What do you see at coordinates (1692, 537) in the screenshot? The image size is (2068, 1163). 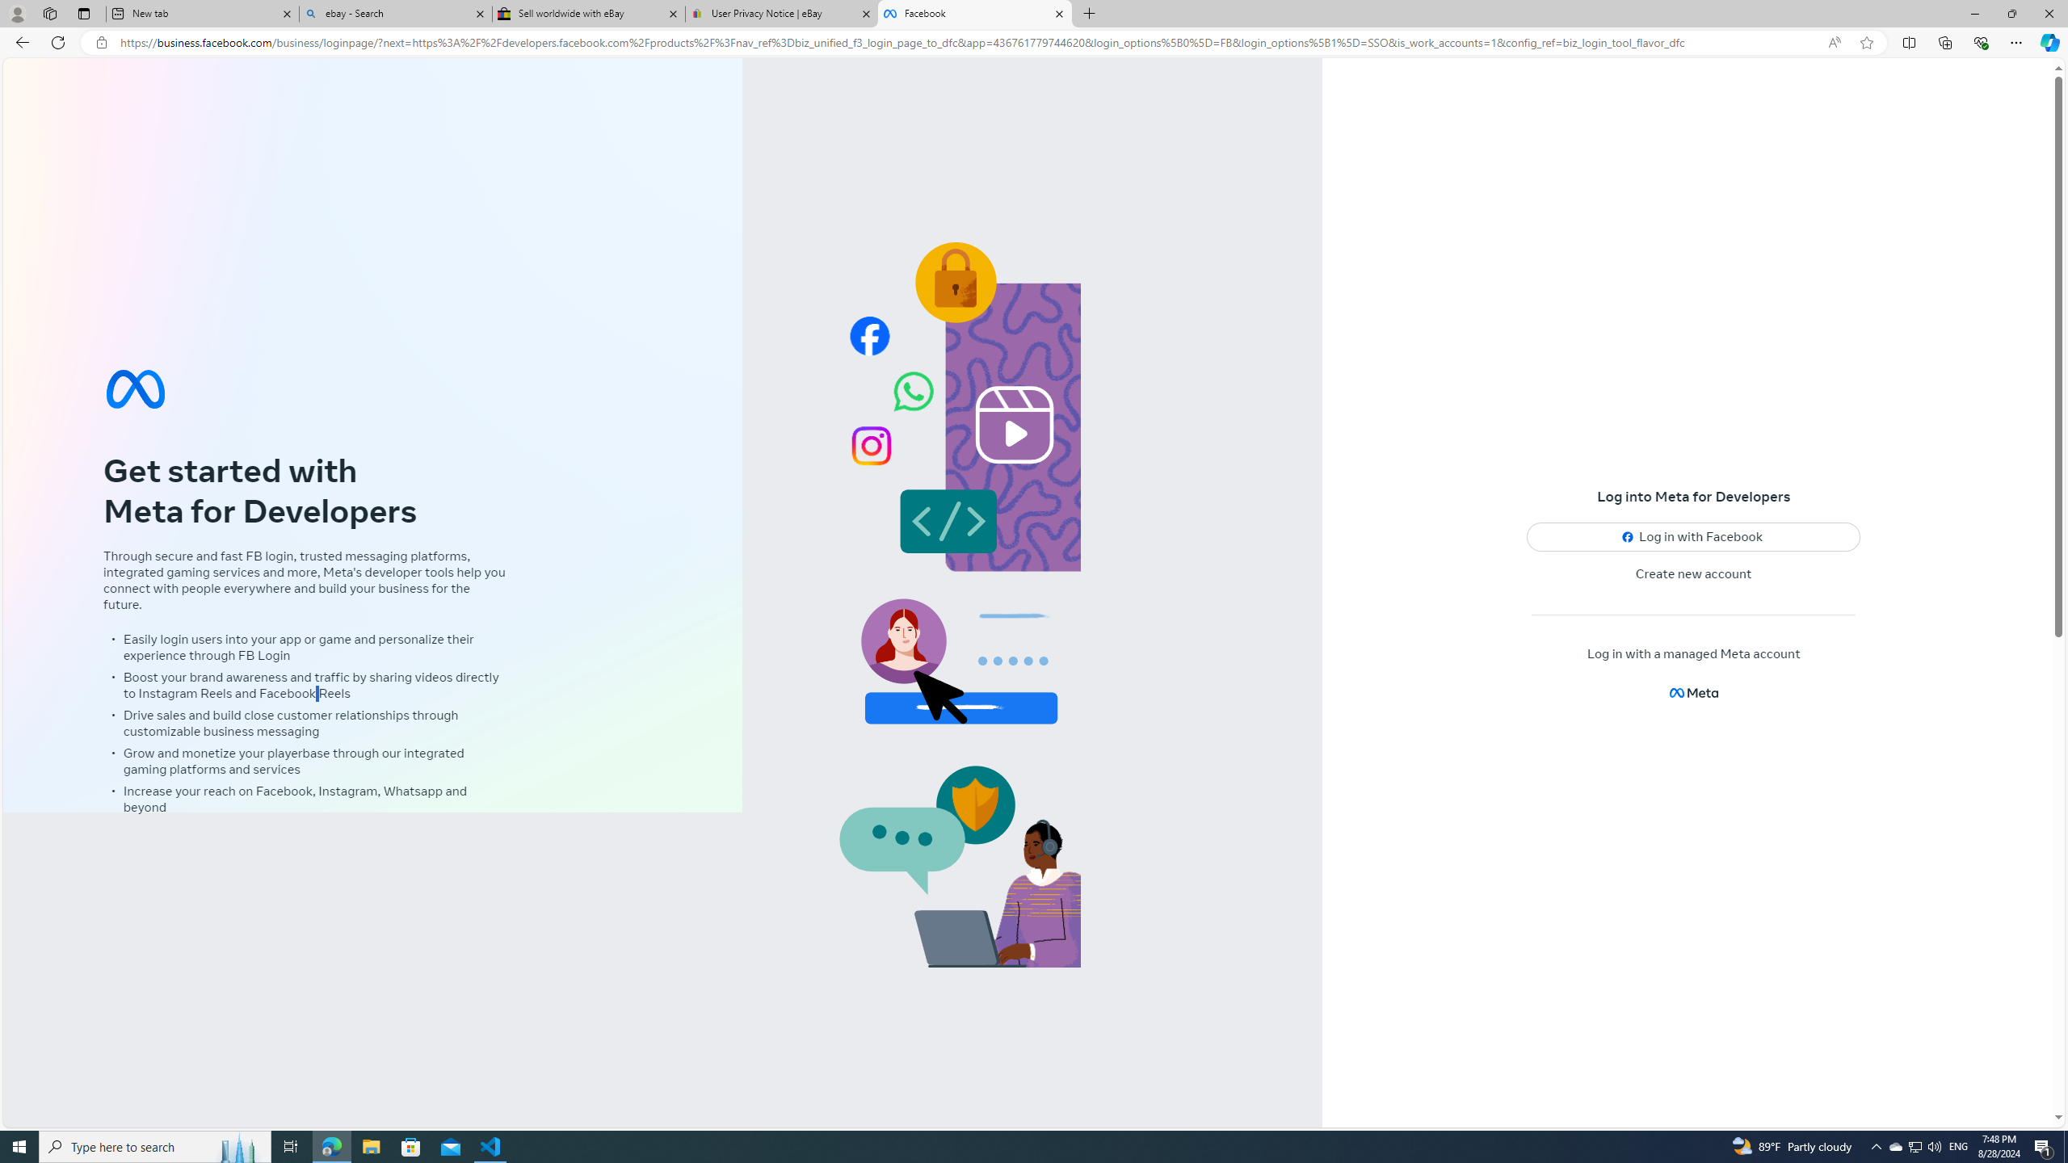 I see `'Log in with Facebook'` at bounding box center [1692, 537].